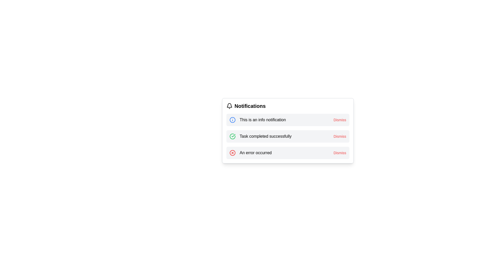  What do you see at coordinates (232, 153) in the screenshot?
I see `the red circular error icon located on the far-right side of the notification that reads 'An error occurred'` at bounding box center [232, 153].